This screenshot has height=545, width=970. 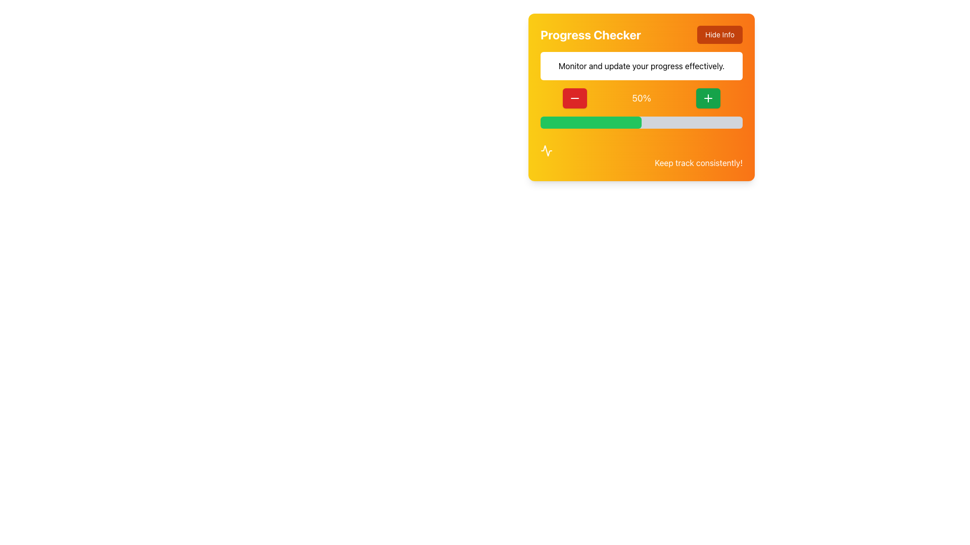 What do you see at coordinates (719, 34) in the screenshot?
I see `the 'Hide Info' button, which has an orange background and white text` at bounding box center [719, 34].